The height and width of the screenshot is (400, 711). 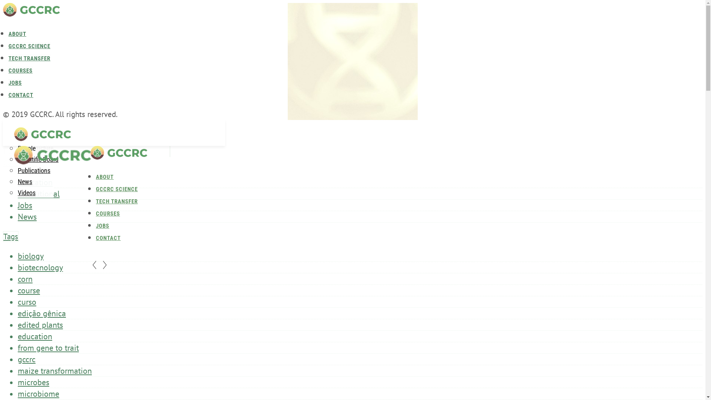 I want to click on 'Publications', so click(x=33, y=170).